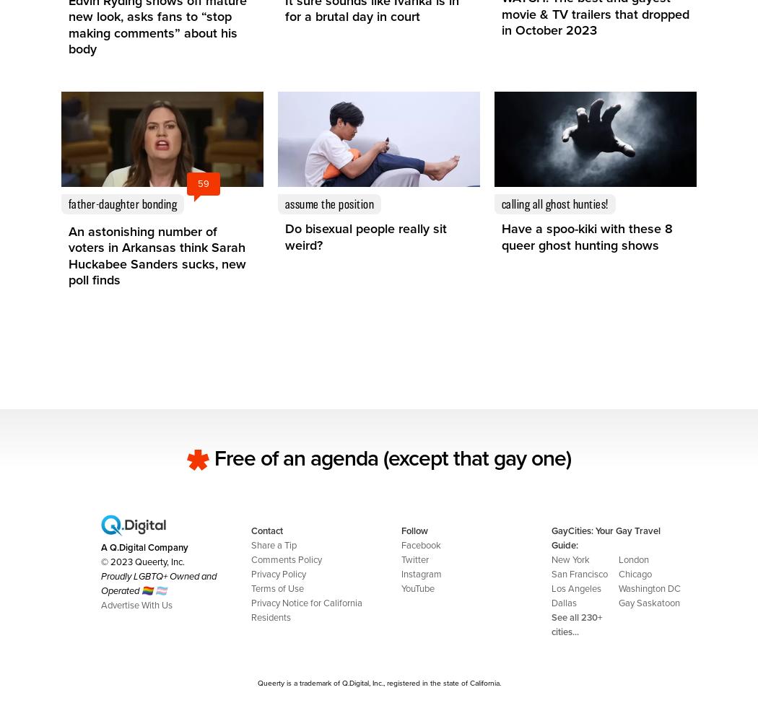 The width and height of the screenshot is (758, 703). Describe the element at coordinates (579, 573) in the screenshot. I see `'San Francisco'` at that location.